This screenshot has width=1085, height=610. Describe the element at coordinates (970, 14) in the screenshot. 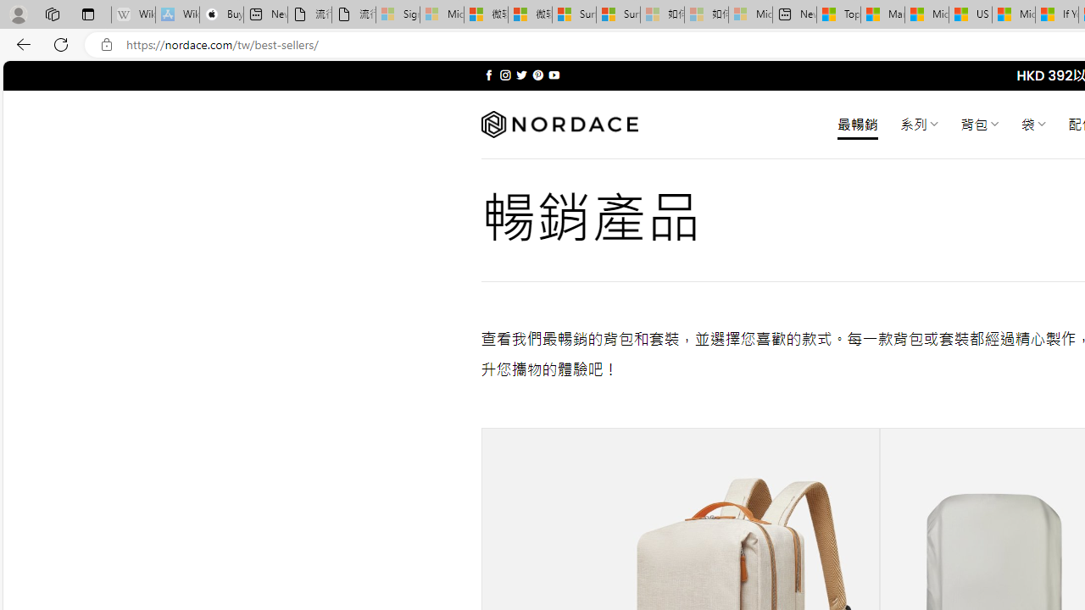

I see `'US Heat Deaths Soared To Record High Last Year'` at that location.